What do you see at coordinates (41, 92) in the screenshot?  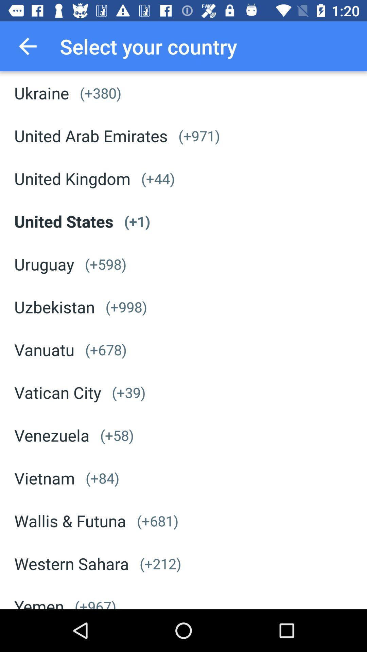 I see `the icon next to the (+380) app` at bounding box center [41, 92].